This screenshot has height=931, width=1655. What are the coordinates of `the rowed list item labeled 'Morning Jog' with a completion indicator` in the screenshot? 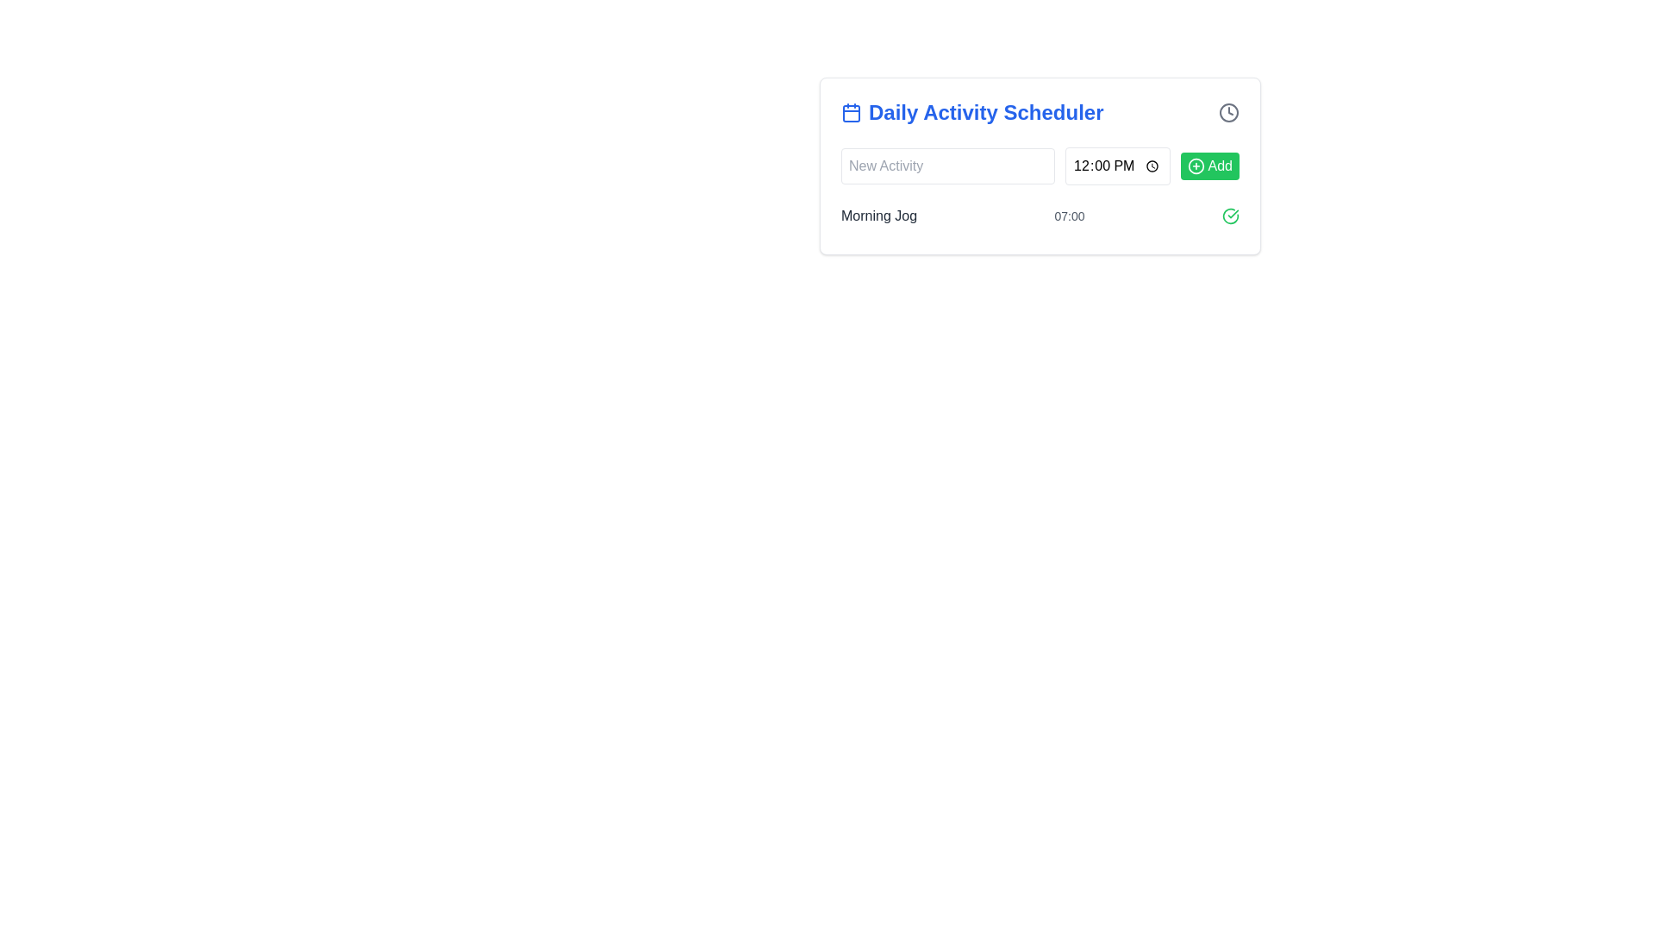 It's located at (1039, 215).